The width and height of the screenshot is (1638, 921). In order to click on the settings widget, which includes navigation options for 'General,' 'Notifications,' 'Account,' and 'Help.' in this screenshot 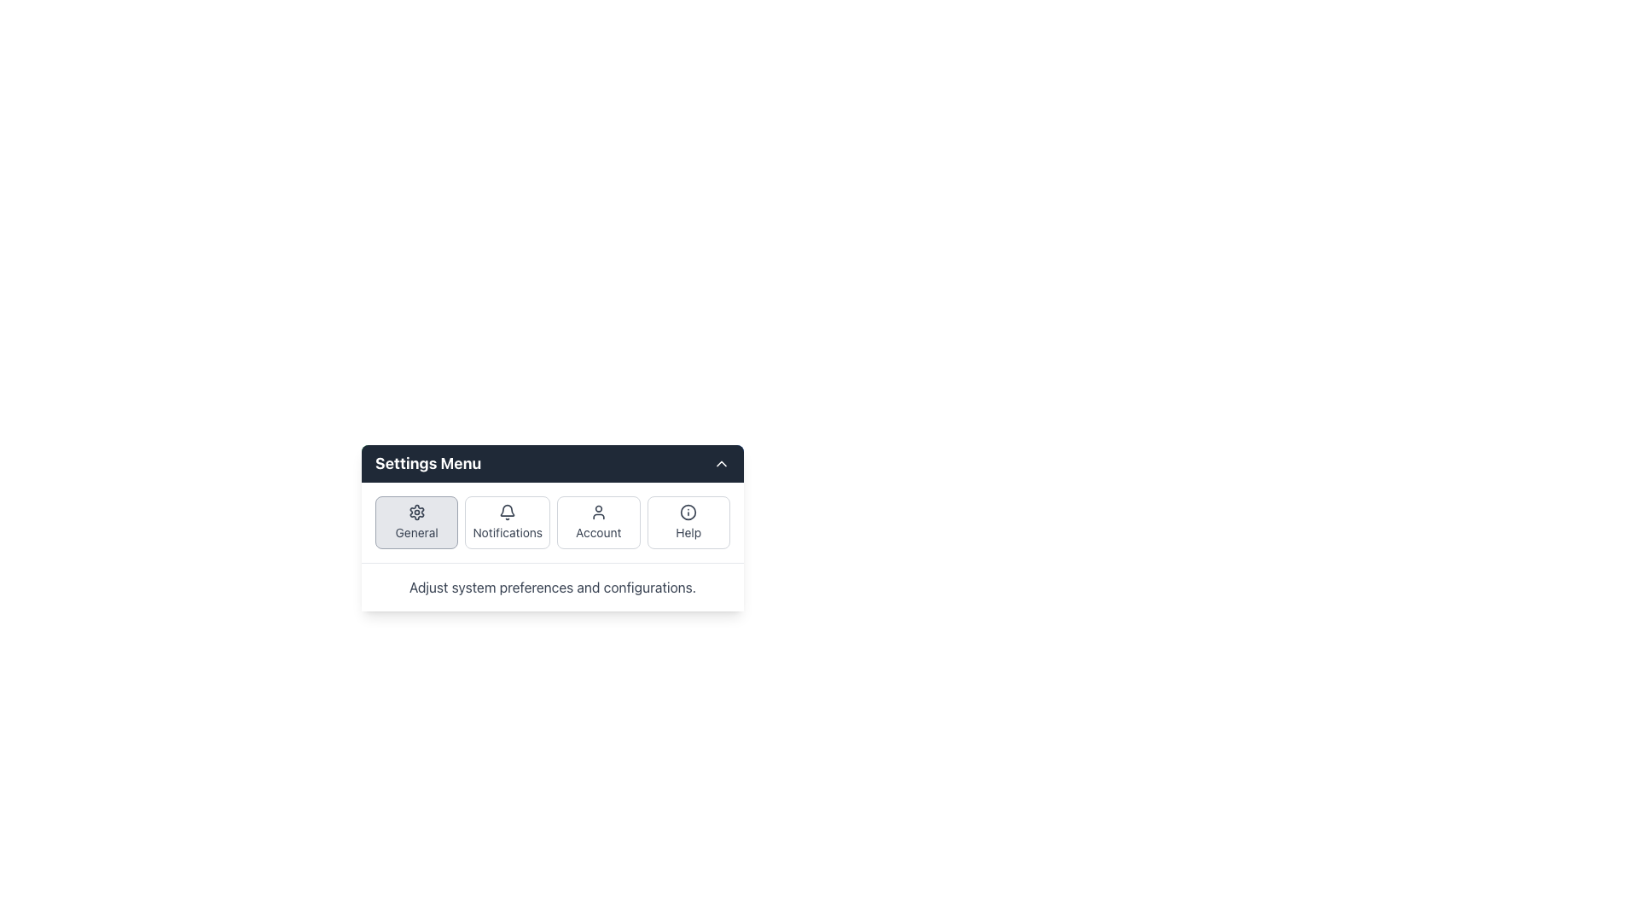, I will do `click(553, 526)`.